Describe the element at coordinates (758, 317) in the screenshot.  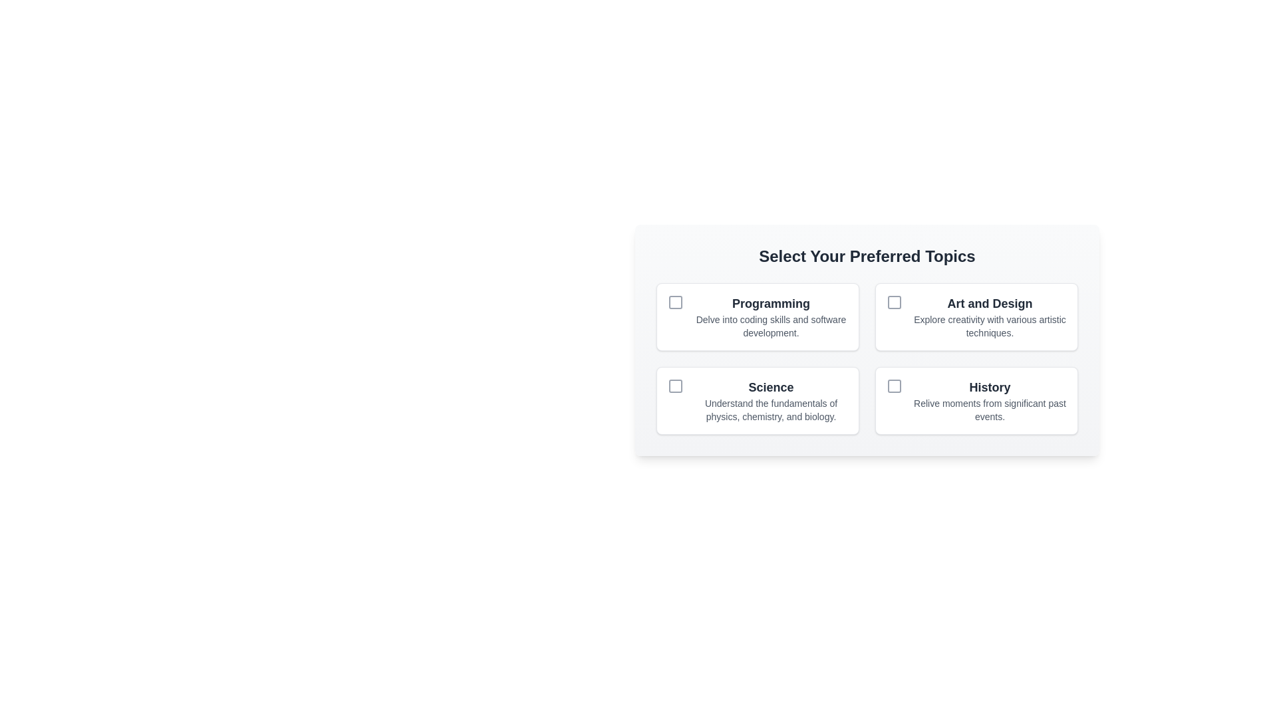
I see `the 'Programming' checkbox option` at that location.